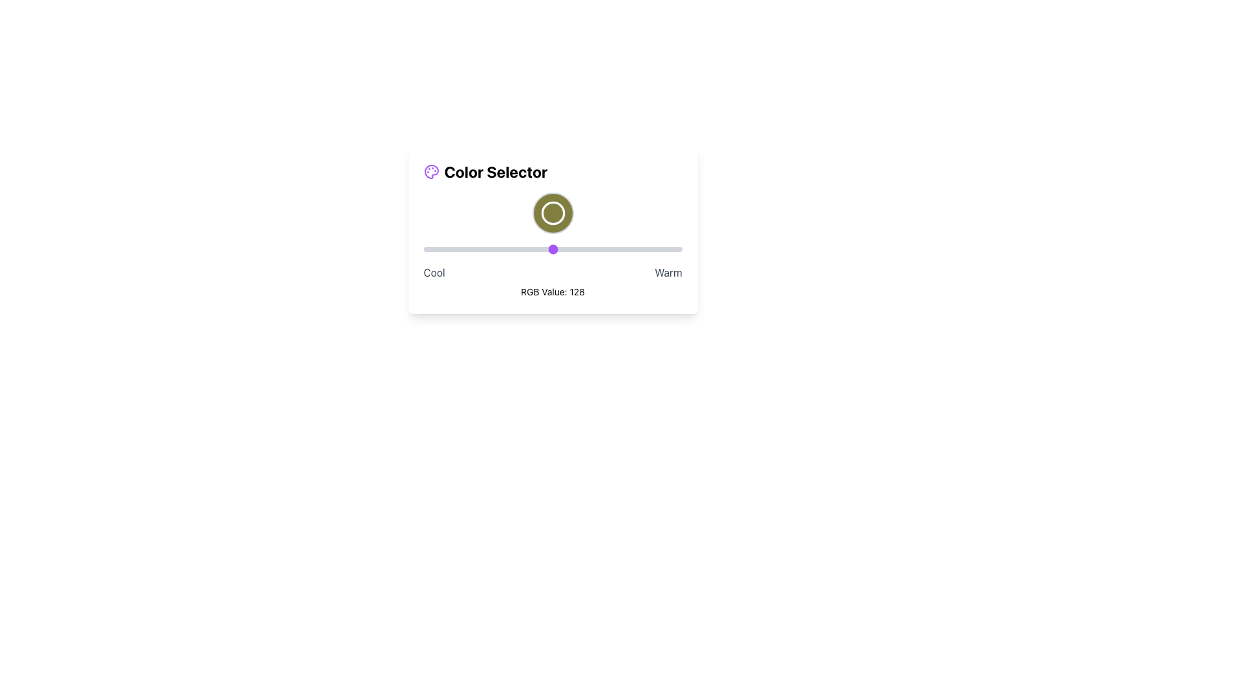  I want to click on the Circular Indicator element, which is a circular widget with a greenish background and a white border, located in the middle-top section of the 'Color Selector' interface, so click(553, 213).